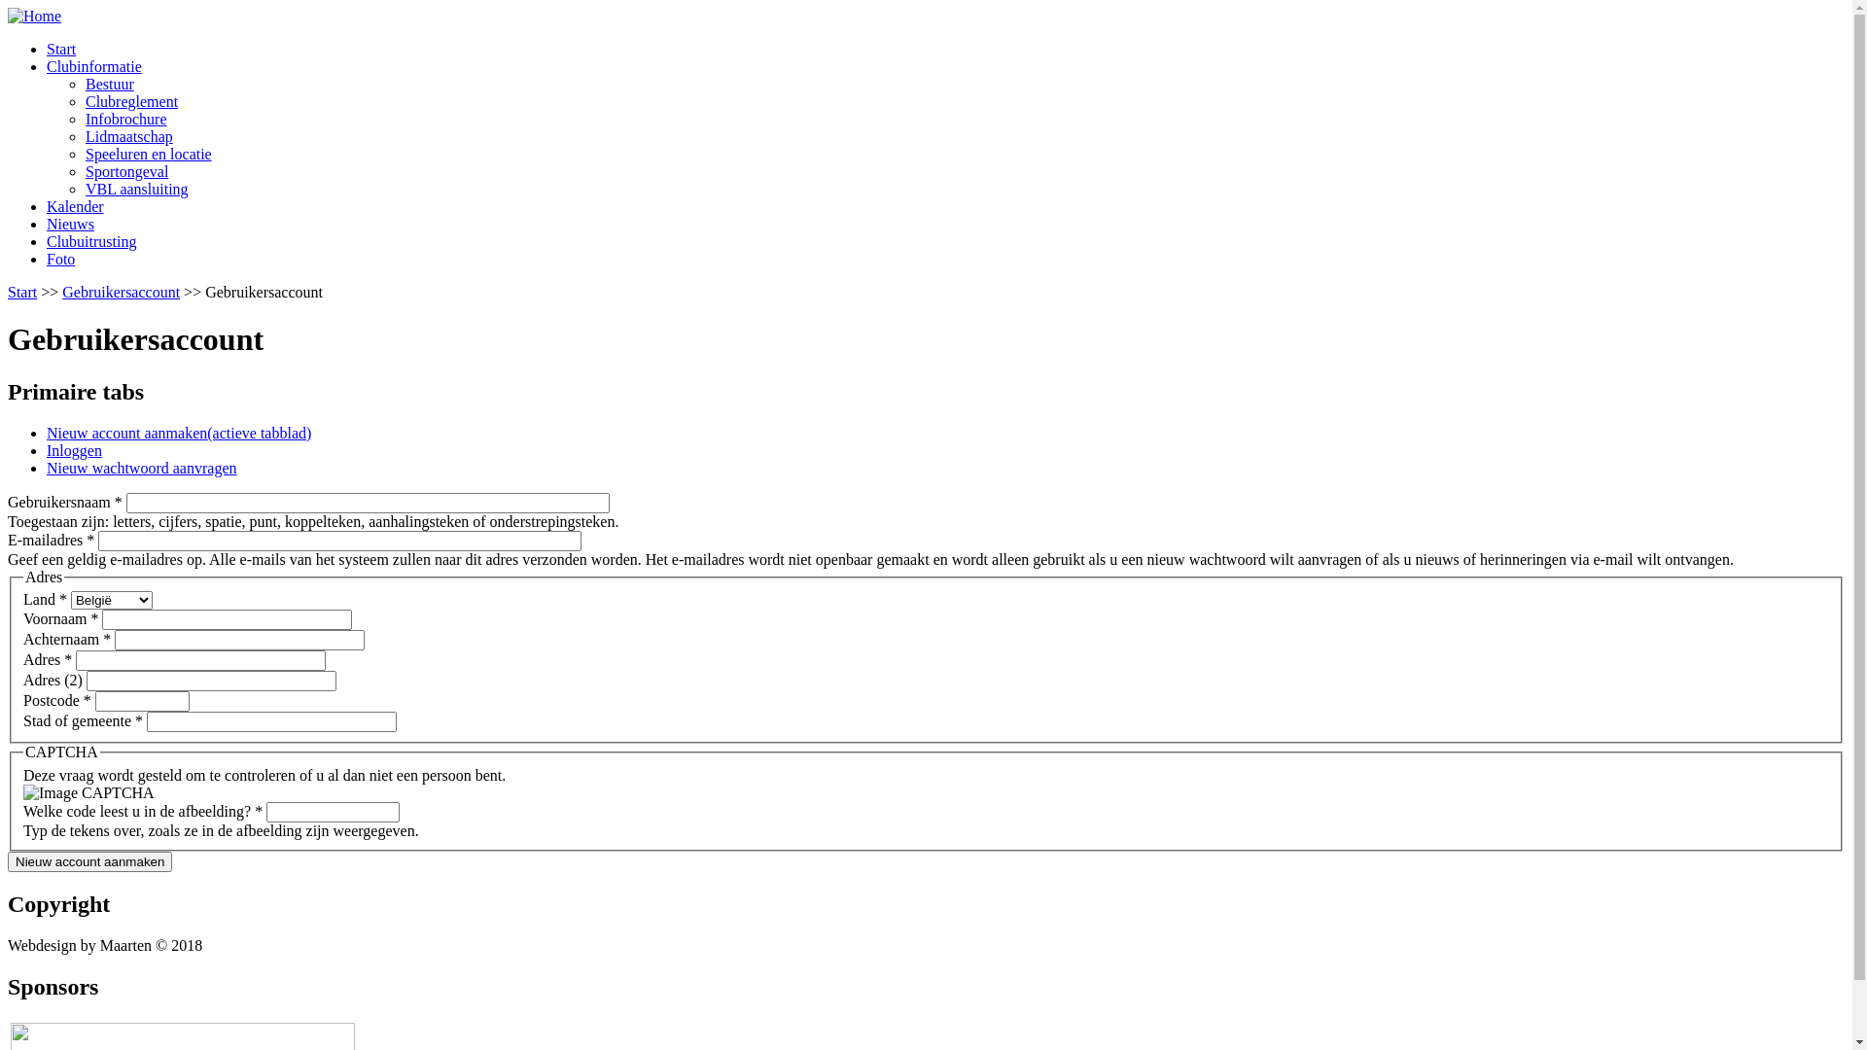 The width and height of the screenshot is (1867, 1050). What do you see at coordinates (92, 65) in the screenshot?
I see `'Clubinformatie'` at bounding box center [92, 65].